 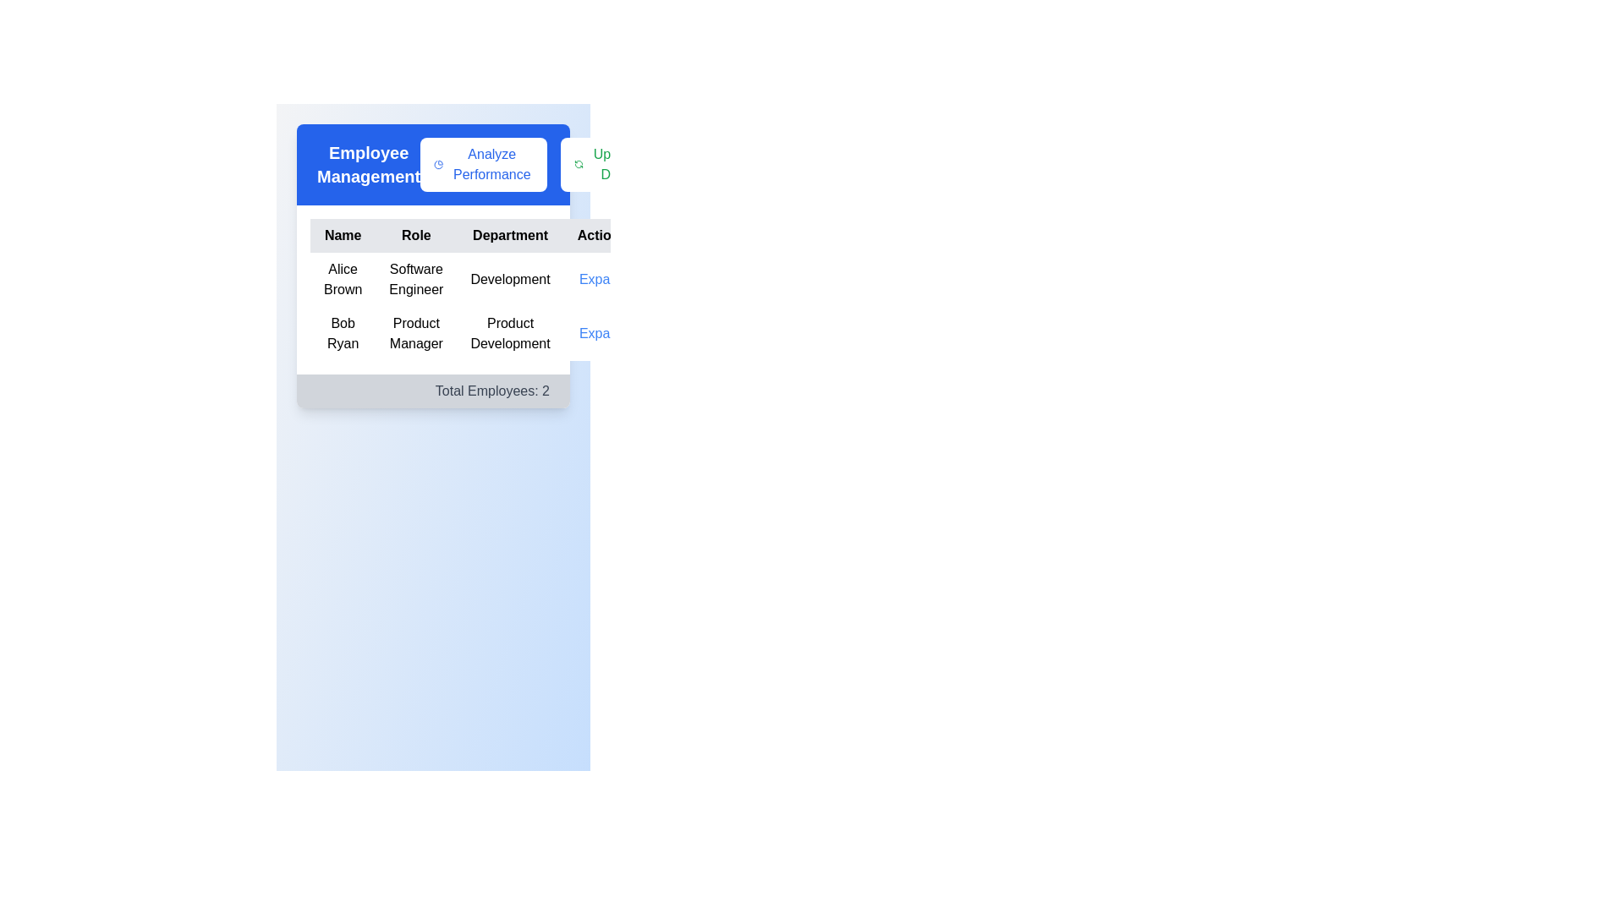 I want to click on the text label displaying 'Bob Ryan' in the second row of the table under the 'Name' header to trigger the hover-related event, so click(x=342, y=333).